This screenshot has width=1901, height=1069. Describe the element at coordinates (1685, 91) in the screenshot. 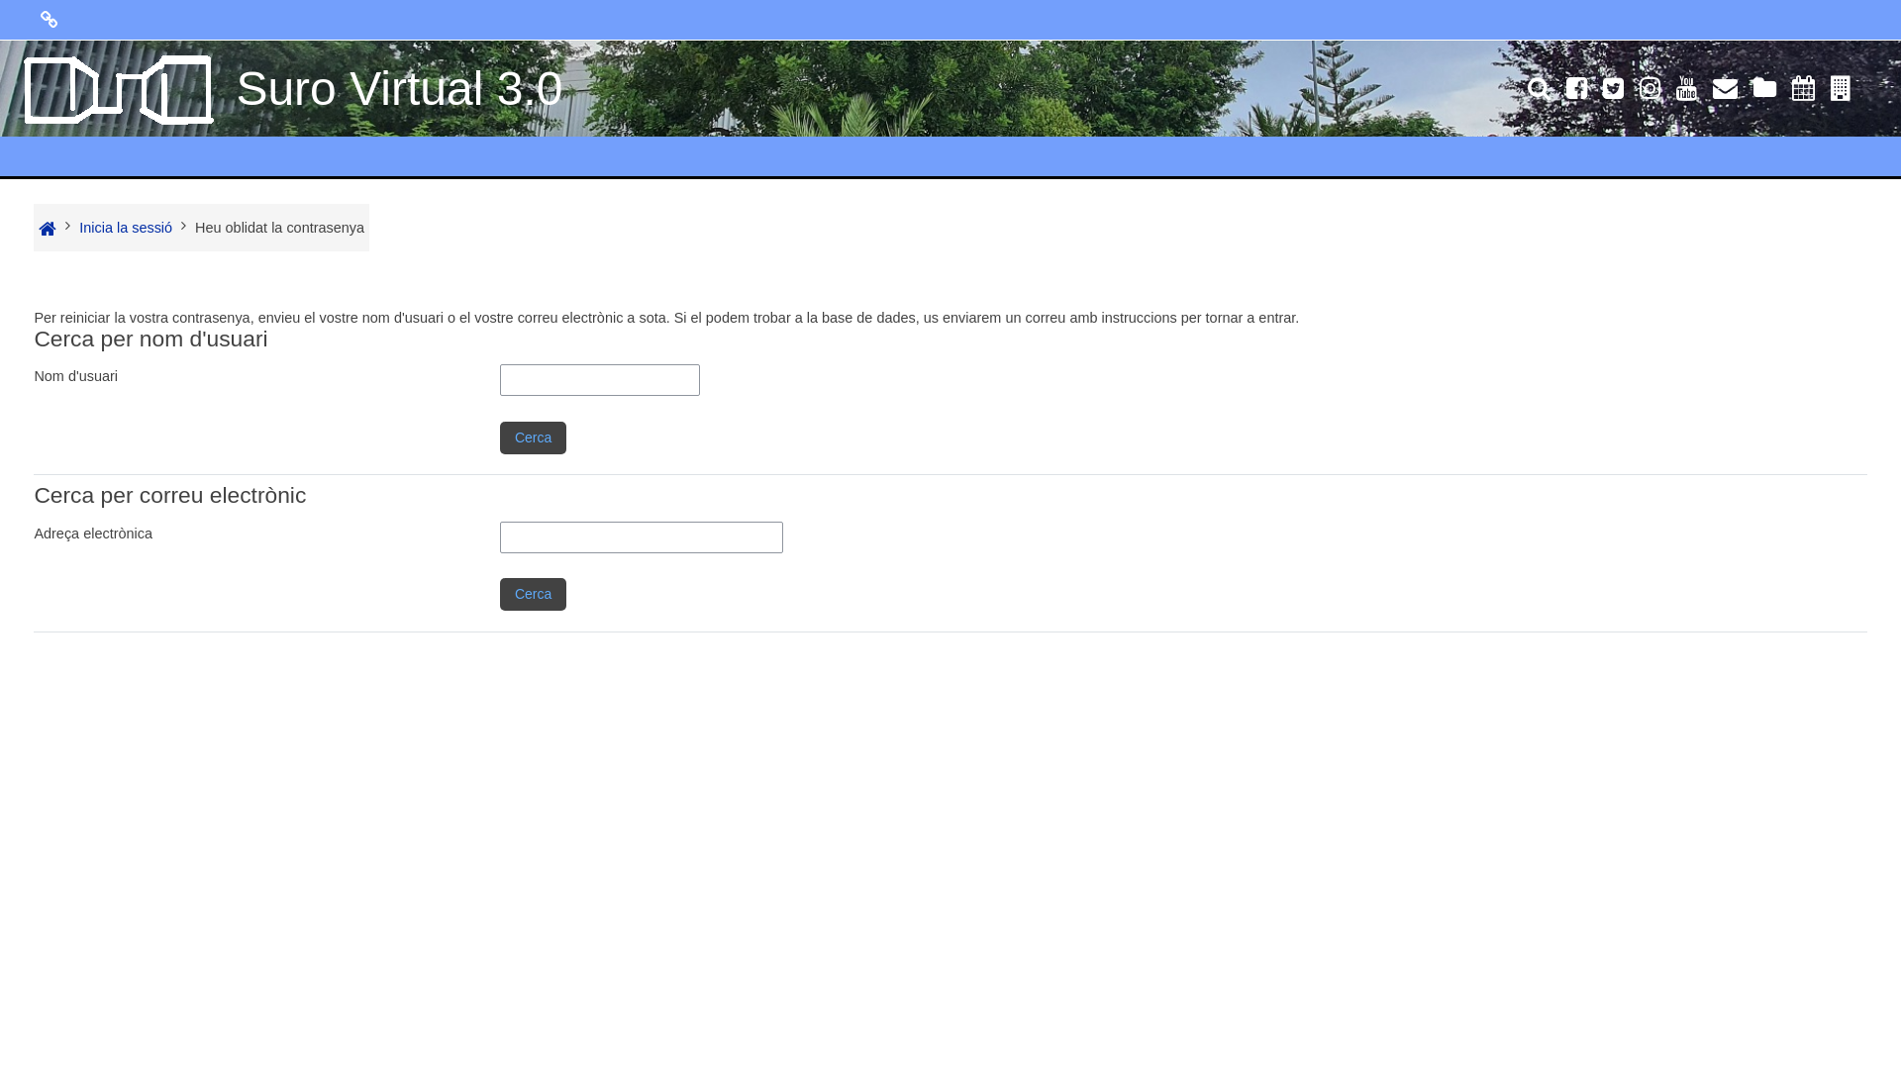

I see `'Canal de YouTube del centre'` at that location.